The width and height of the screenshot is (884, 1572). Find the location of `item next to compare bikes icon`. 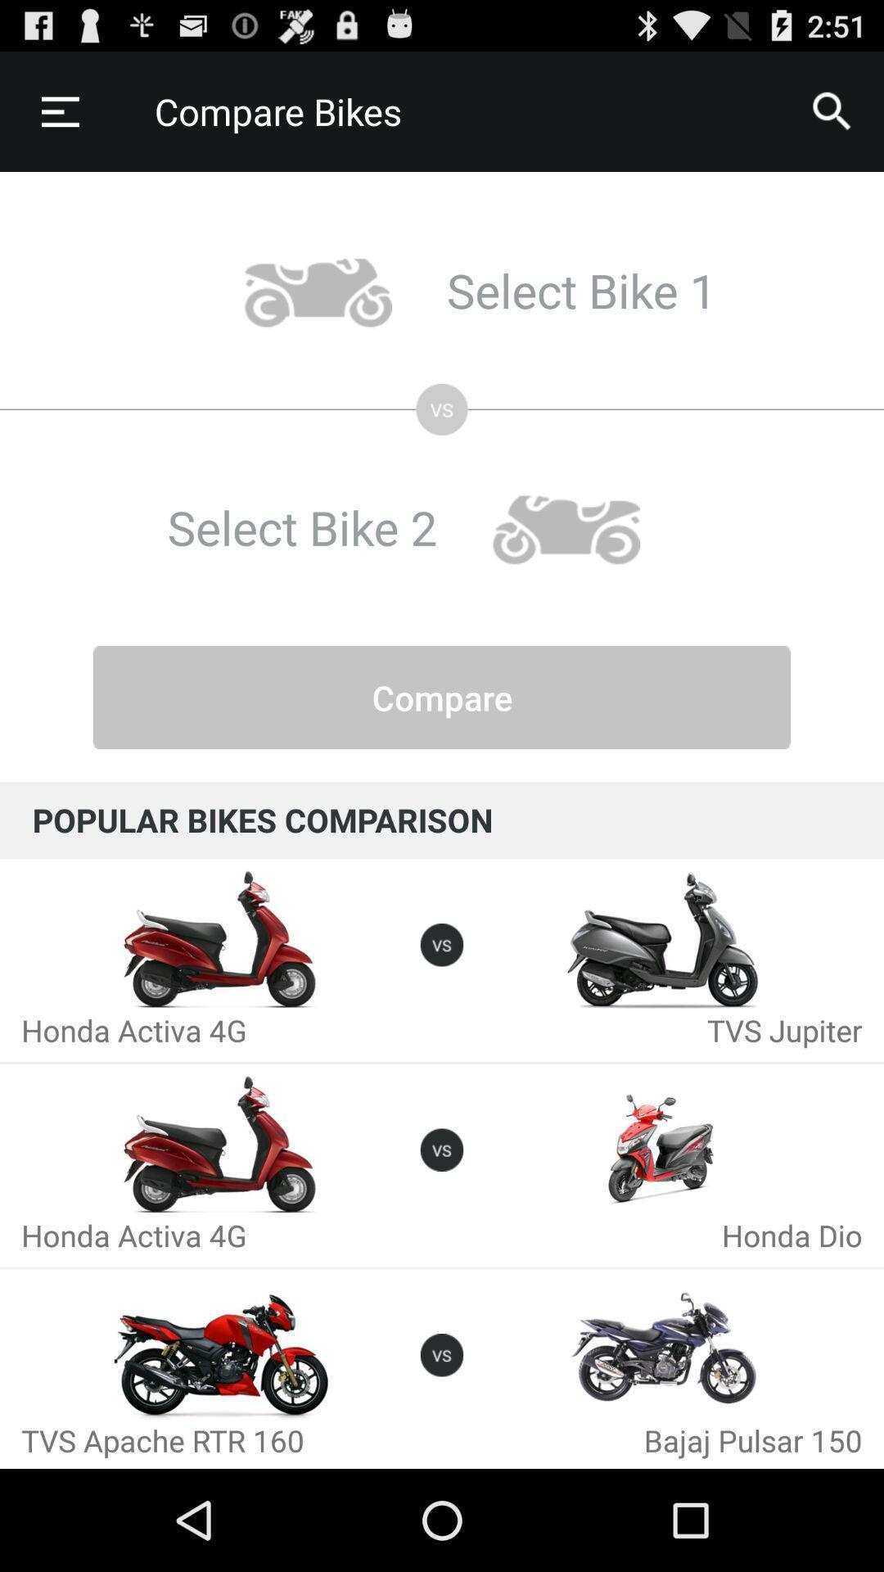

item next to compare bikes icon is located at coordinates (59, 111).